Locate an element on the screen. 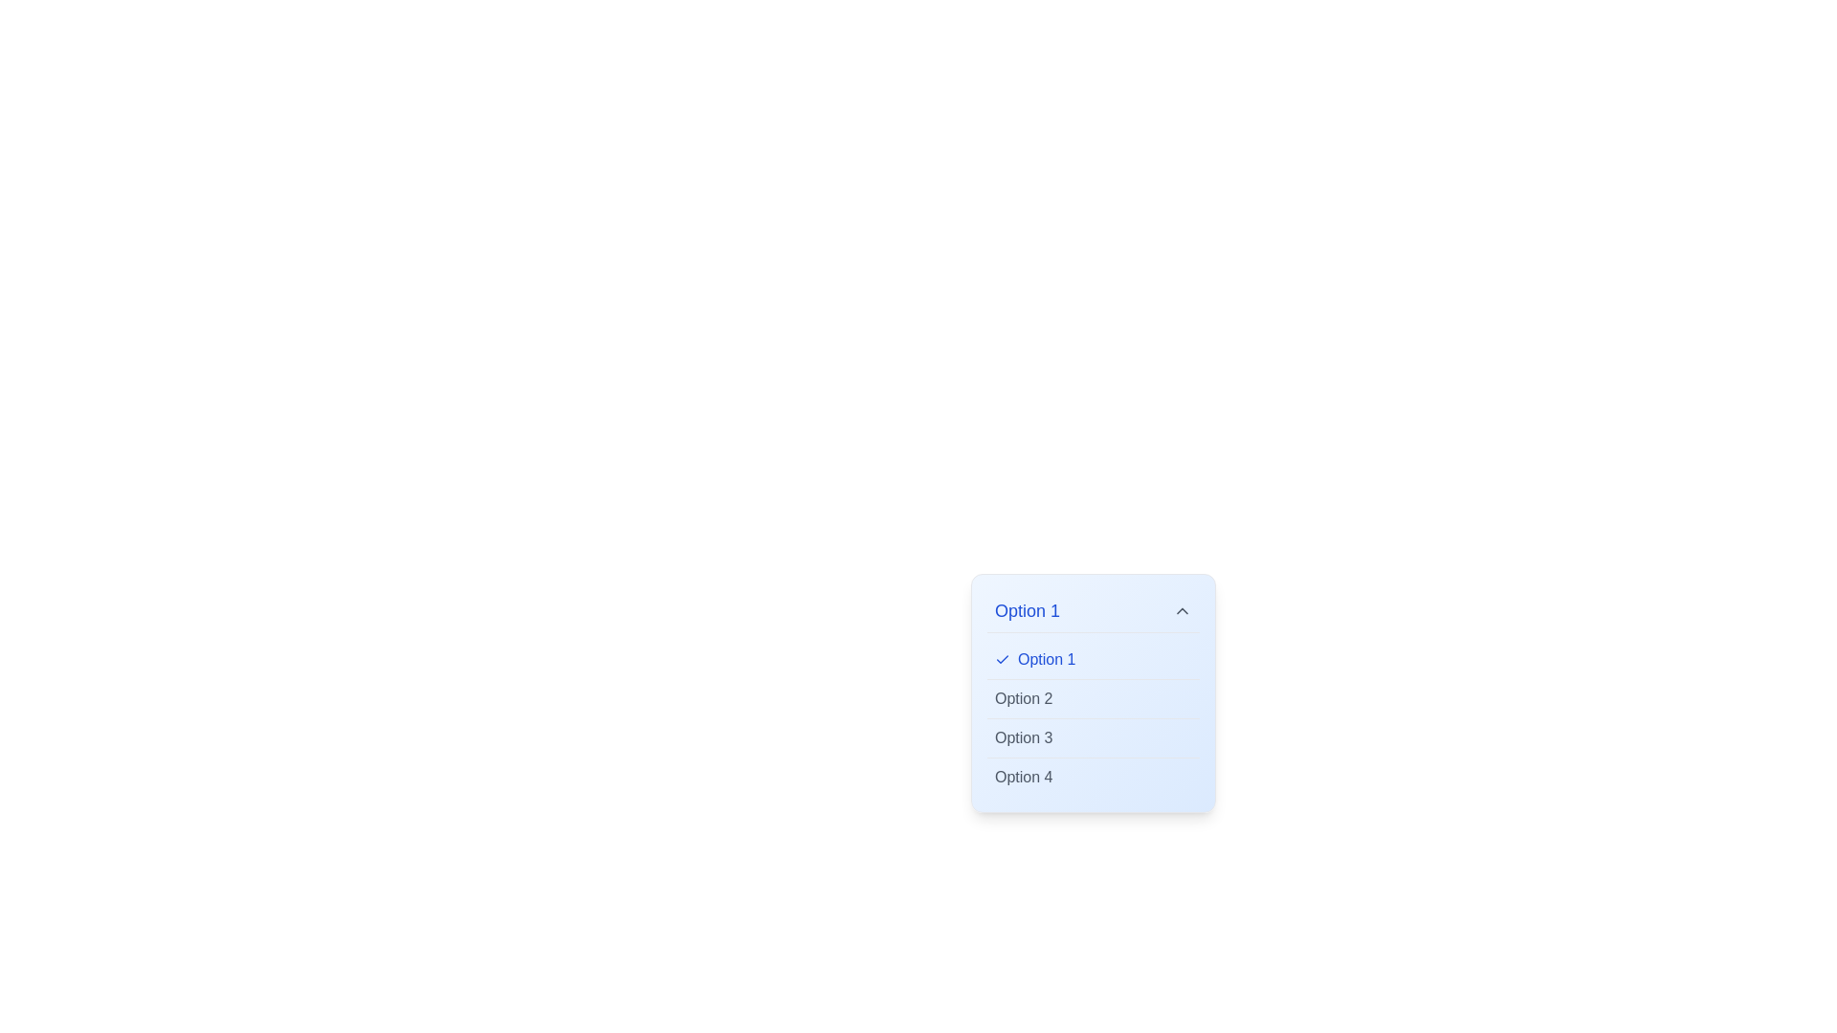  the selectable option 'Option 4' in the dropdown menu is located at coordinates (1093, 777).